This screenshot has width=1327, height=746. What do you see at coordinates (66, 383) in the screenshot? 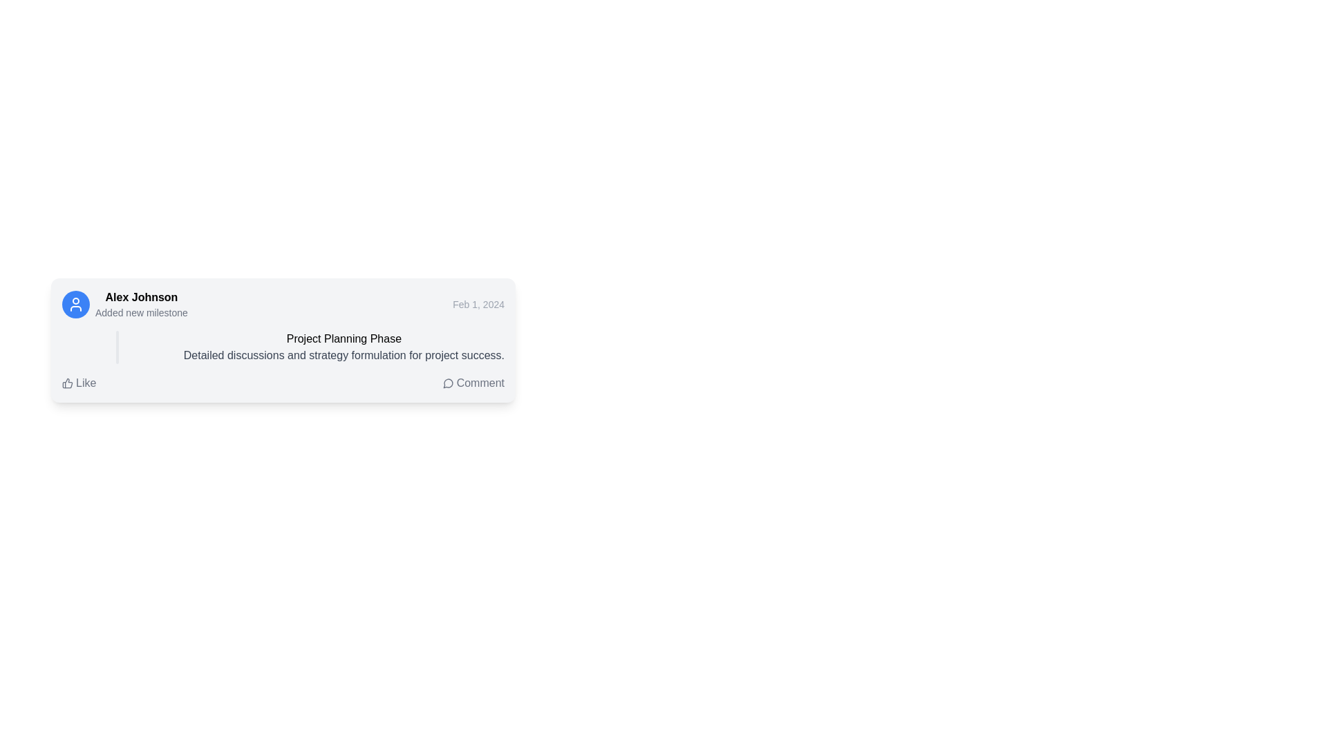
I see `the thumbs-up icon in the 'Like' button group` at bounding box center [66, 383].